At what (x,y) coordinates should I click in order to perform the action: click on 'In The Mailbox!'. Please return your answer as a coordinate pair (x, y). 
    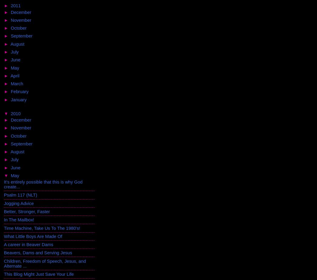
    Looking at the image, I should click on (19, 220).